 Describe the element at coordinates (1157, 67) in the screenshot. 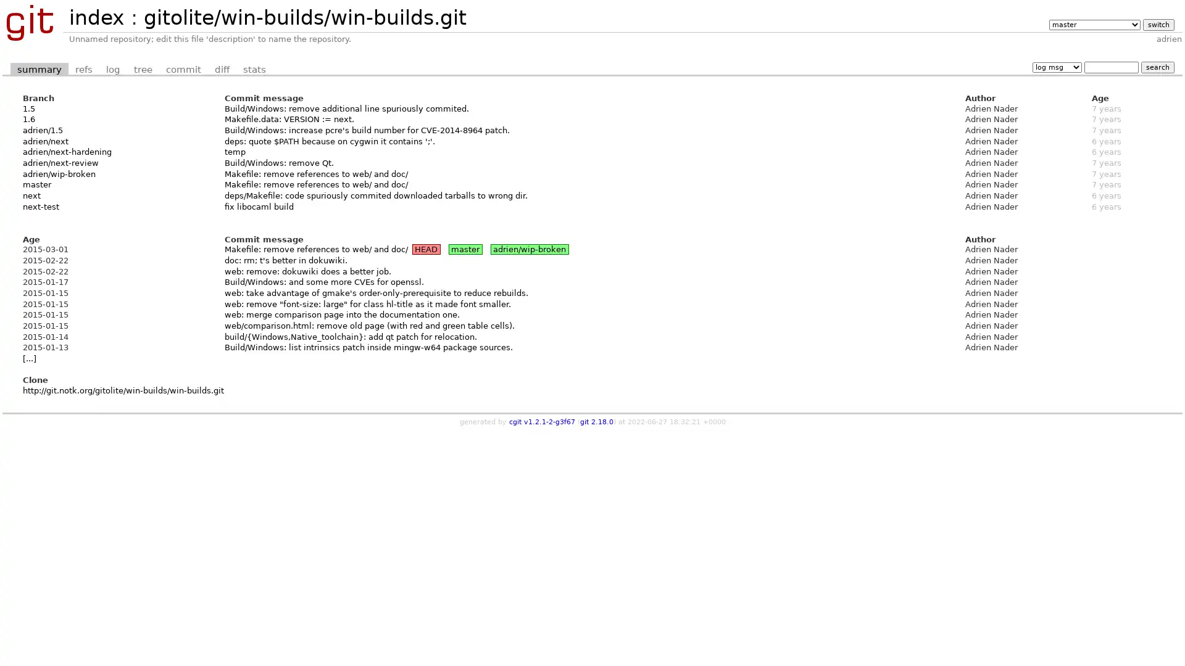

I see `search` at that location.